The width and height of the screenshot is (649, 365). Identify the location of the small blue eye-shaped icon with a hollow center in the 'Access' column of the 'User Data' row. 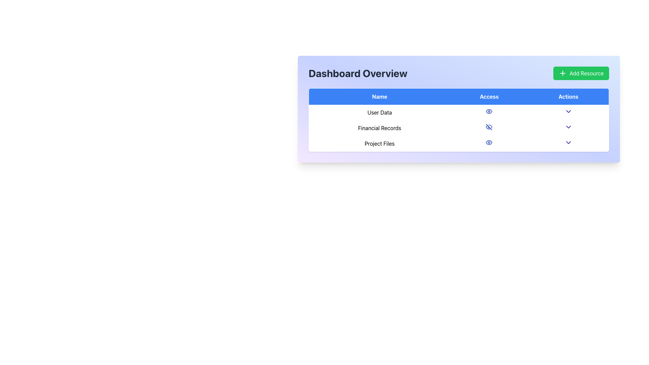
(489, 111).